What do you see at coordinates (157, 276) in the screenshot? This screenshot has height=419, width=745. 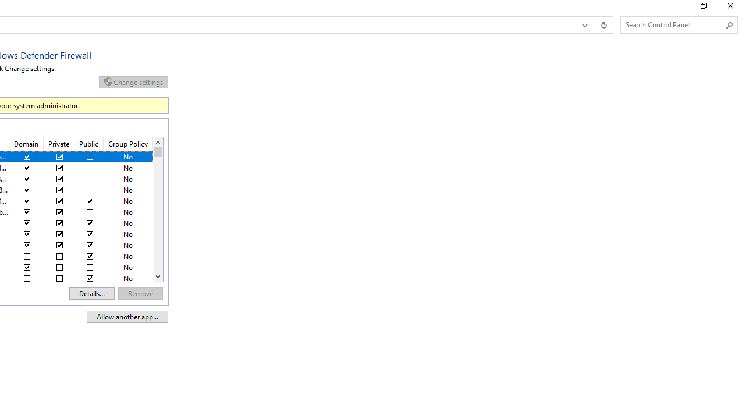 I see `'Line down'` at bounding box center [157, 276].